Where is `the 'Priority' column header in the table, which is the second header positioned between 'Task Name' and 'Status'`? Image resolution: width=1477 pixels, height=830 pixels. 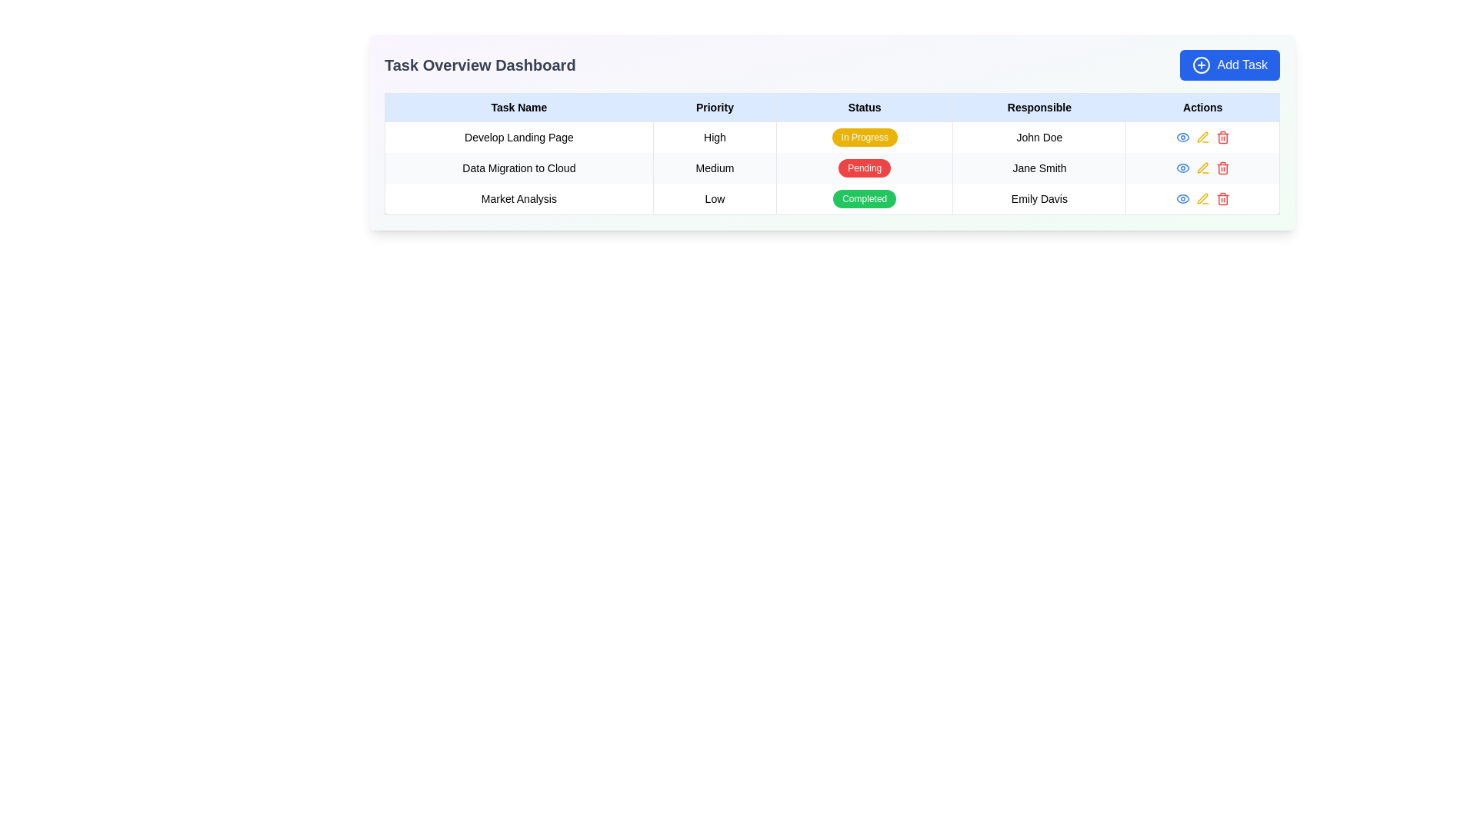
the 'Priority' column header in the table, which is the second header positioned between 'Task Name' and 'Status' is located at coordinates (714, 106).